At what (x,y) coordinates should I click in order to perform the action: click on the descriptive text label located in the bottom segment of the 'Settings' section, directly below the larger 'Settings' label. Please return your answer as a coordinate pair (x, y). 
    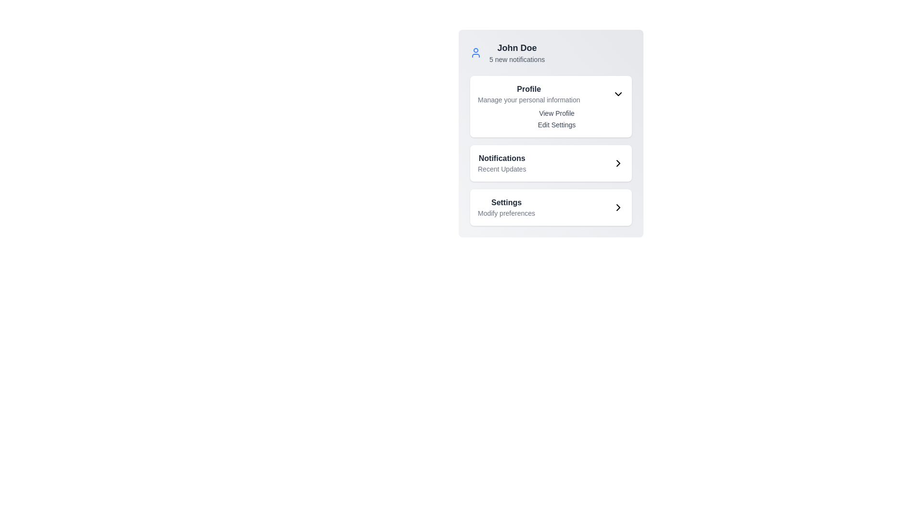
    Looking at the image, I should click on (506, 212).